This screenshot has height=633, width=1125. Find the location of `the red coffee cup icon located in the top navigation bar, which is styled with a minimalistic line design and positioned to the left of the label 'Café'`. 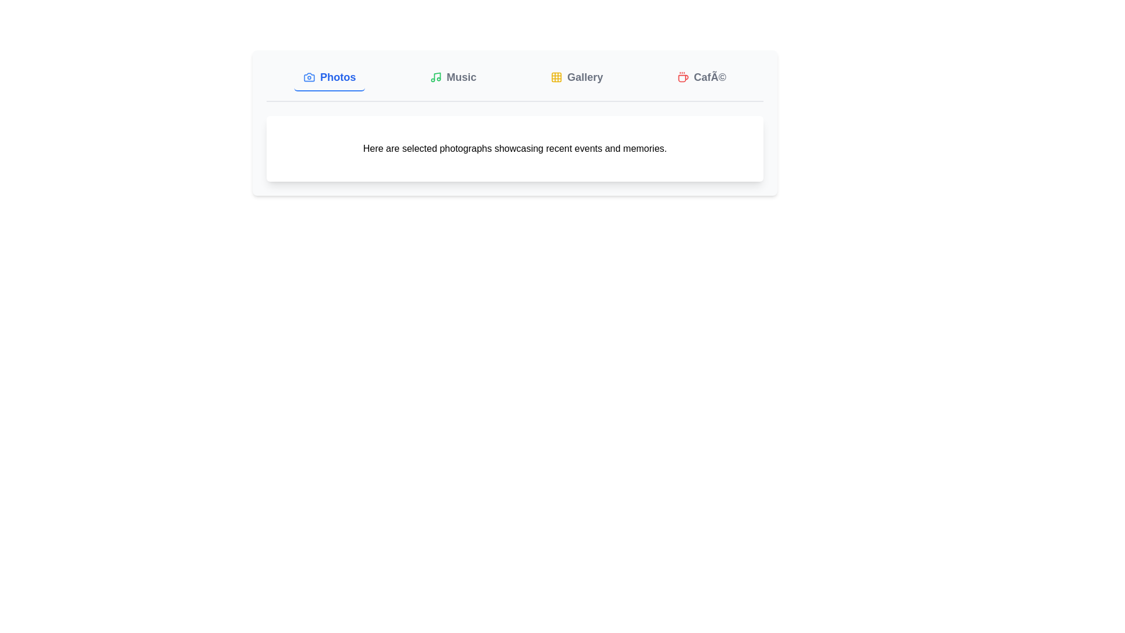

the red coffee cup icon located in the top navigation bar, which is styled with a minimalistic line design and positioned to the left of the label 'Café' is located at coordinates (683, 77).